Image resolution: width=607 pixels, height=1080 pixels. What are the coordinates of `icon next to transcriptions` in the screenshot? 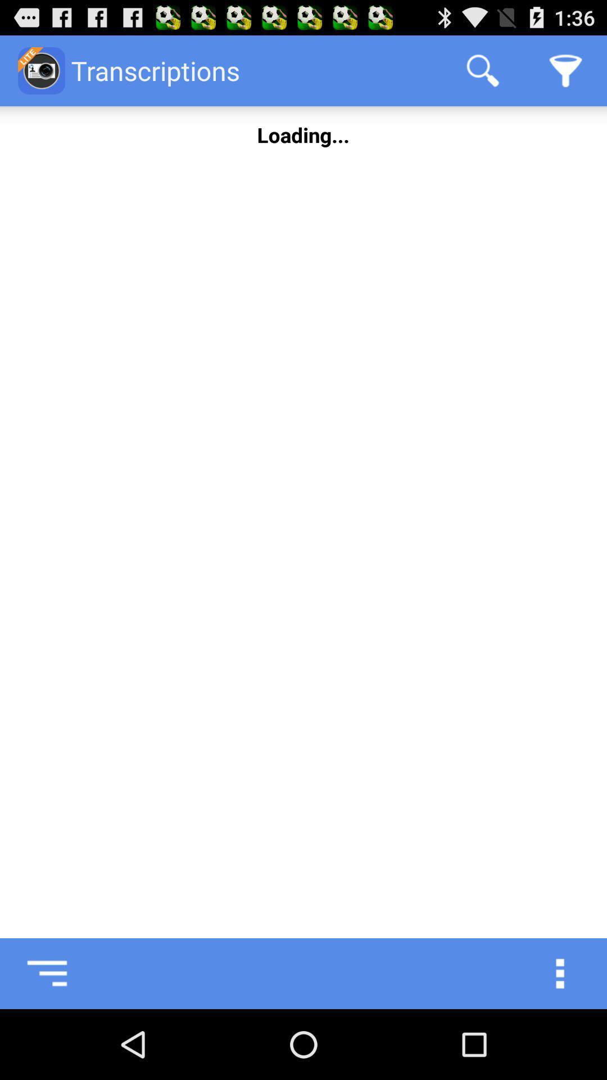 It's located at (482, 70).